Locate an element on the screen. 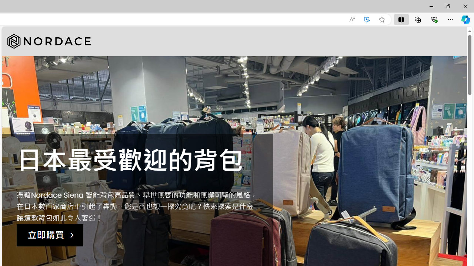  'Collections' is located at coordinates (418, 19).